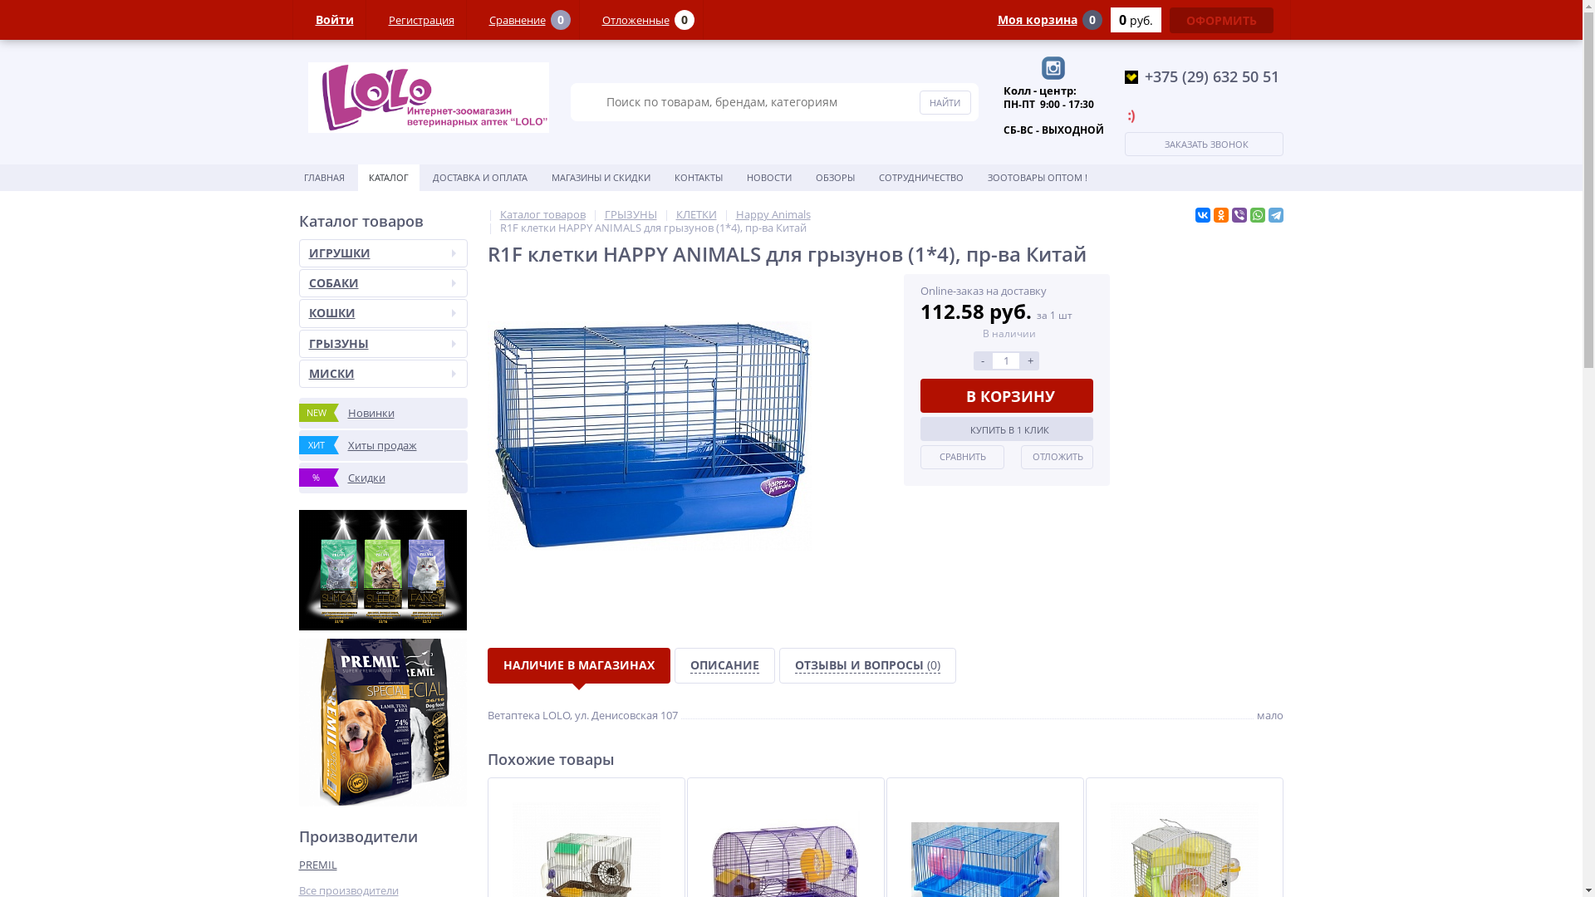 Image resolution: width=1595 pixels, height=897 pixels. I want to click on '-', so click(973, 360).